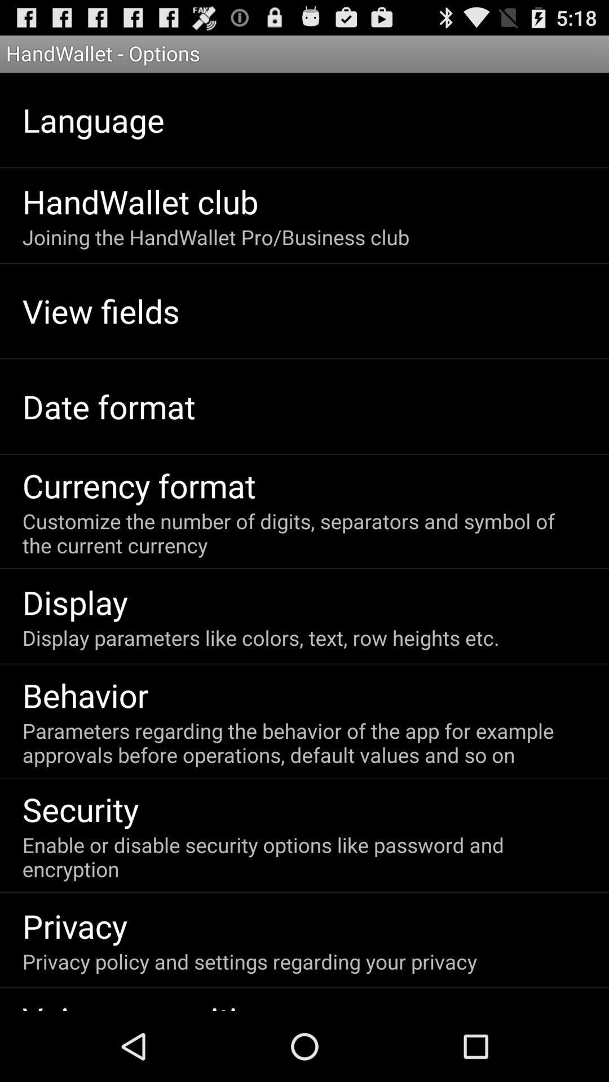 Image resolution: width=609 pixels, height=1082 pixels. I want to click on the language app, so click(92, 119).